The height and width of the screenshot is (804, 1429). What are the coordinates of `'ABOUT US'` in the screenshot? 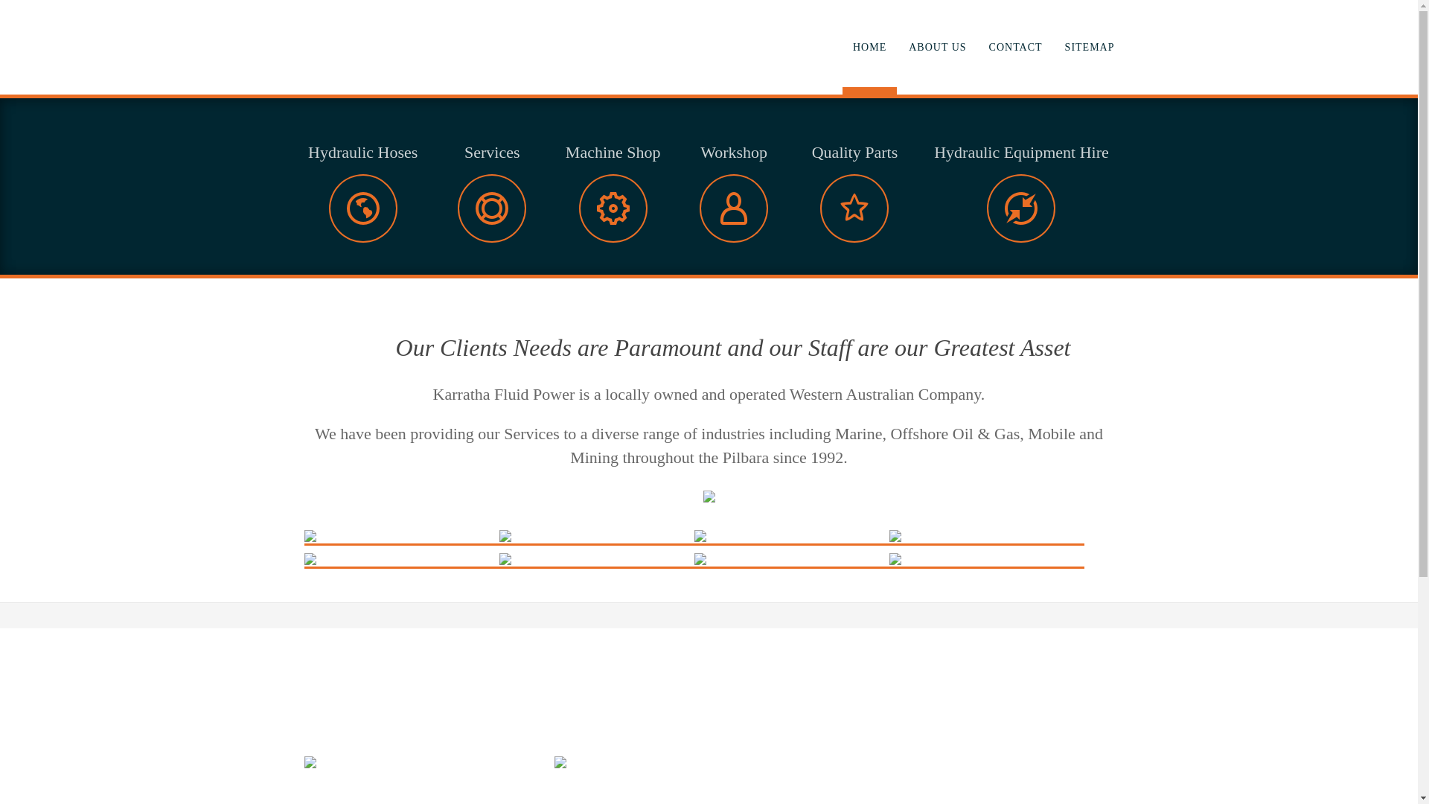 It's located at (897, 46).